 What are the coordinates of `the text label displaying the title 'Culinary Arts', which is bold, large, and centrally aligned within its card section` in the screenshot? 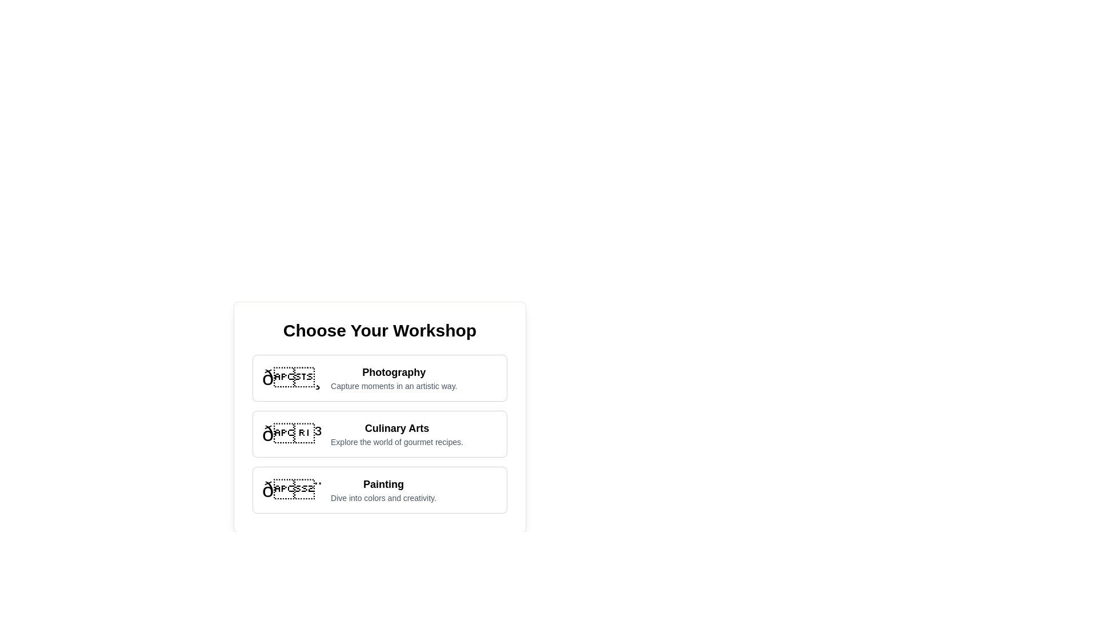 It's located at (397, 428).